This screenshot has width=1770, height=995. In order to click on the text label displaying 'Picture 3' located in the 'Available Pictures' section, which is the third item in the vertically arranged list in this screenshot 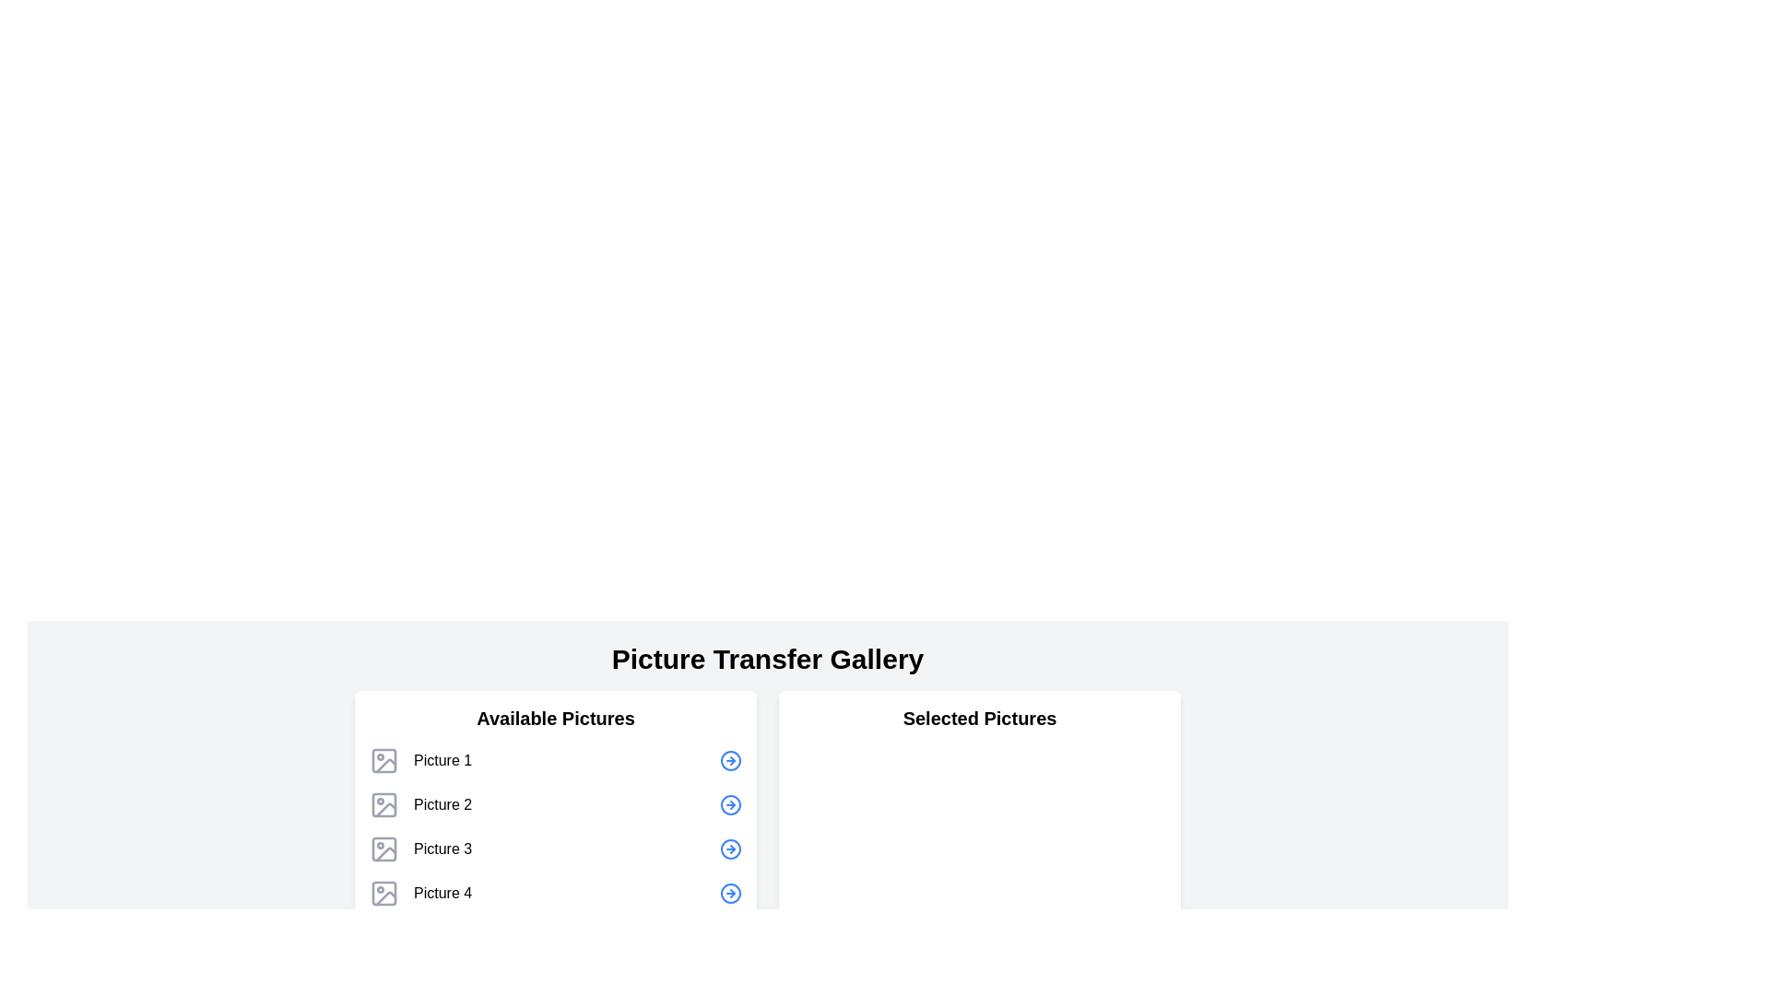, I will do `click(442, 849)`.